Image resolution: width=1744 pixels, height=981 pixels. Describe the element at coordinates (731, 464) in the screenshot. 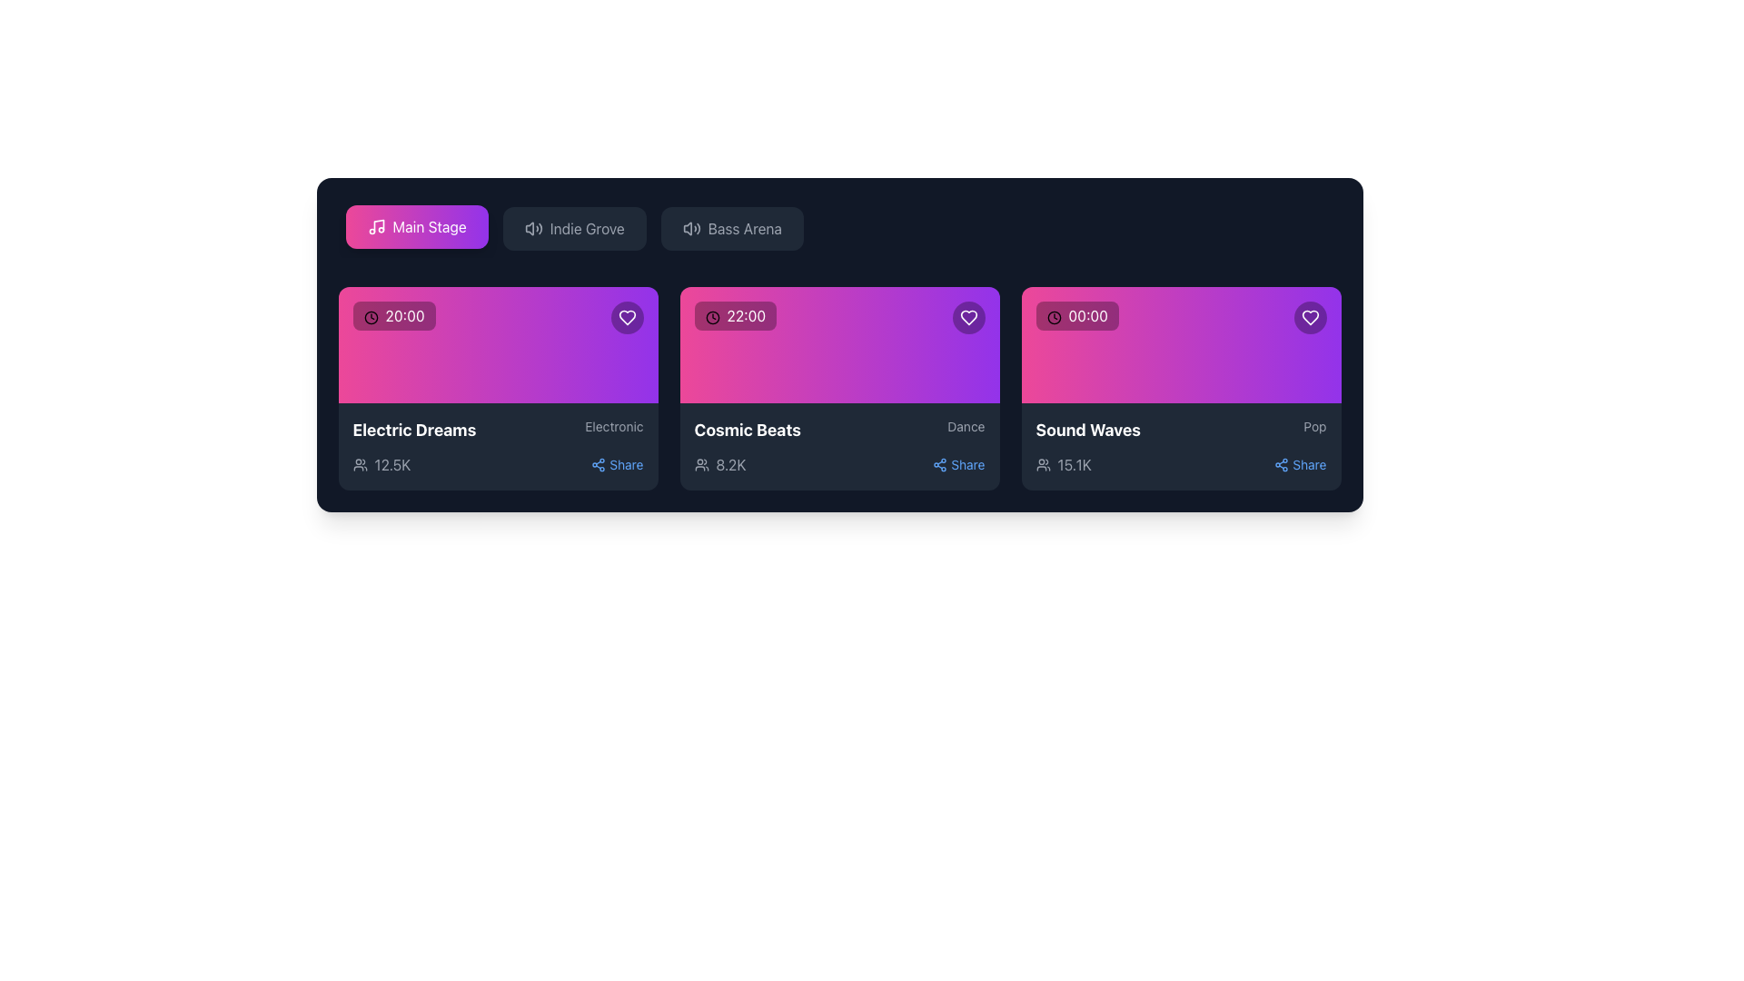

I see `number '8.2K' displayed in the gray text label, which is located at the bottom section of the second card titled 'Cosmic Beats'` at that location.